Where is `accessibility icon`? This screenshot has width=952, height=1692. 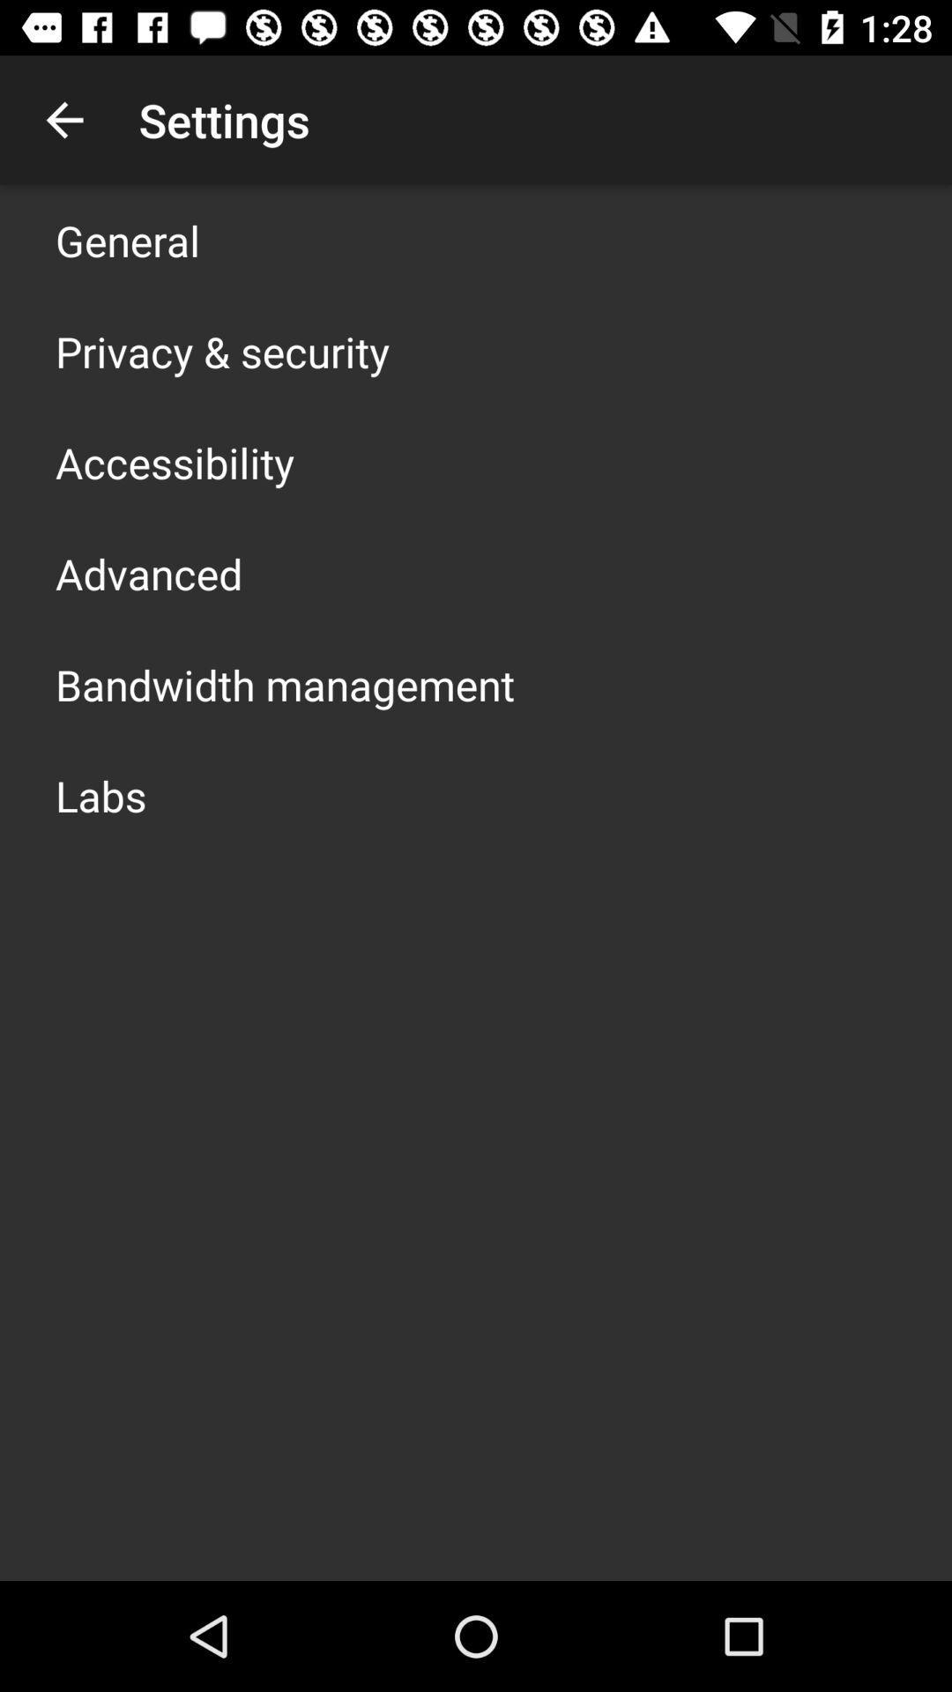 accessibility icon is located at coordinates (175, 462).